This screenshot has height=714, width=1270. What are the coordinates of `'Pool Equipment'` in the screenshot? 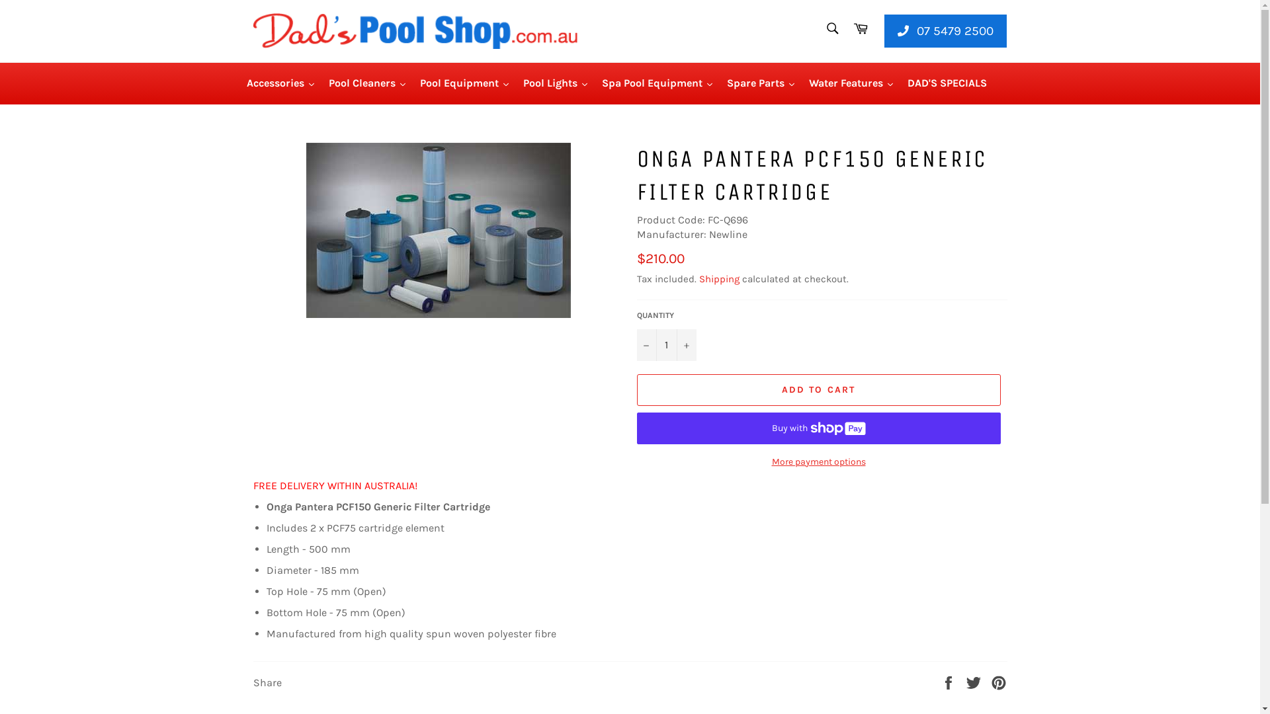 It's located at (412, 83).